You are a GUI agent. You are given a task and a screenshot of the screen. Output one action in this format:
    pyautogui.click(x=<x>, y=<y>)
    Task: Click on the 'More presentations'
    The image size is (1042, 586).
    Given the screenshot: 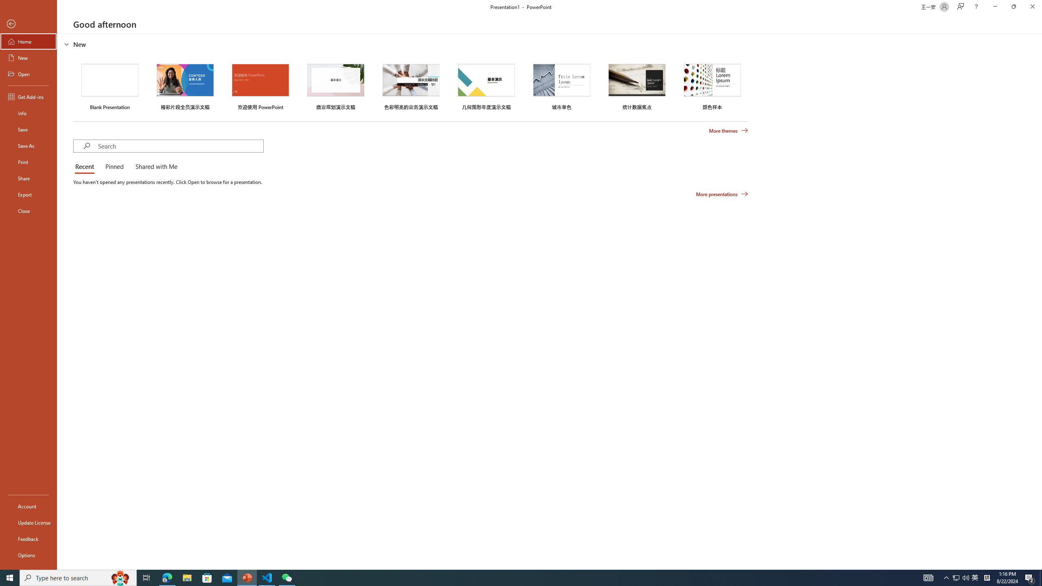 What is the action you would take?
    pyautogui.click(x=722, y=193)
    